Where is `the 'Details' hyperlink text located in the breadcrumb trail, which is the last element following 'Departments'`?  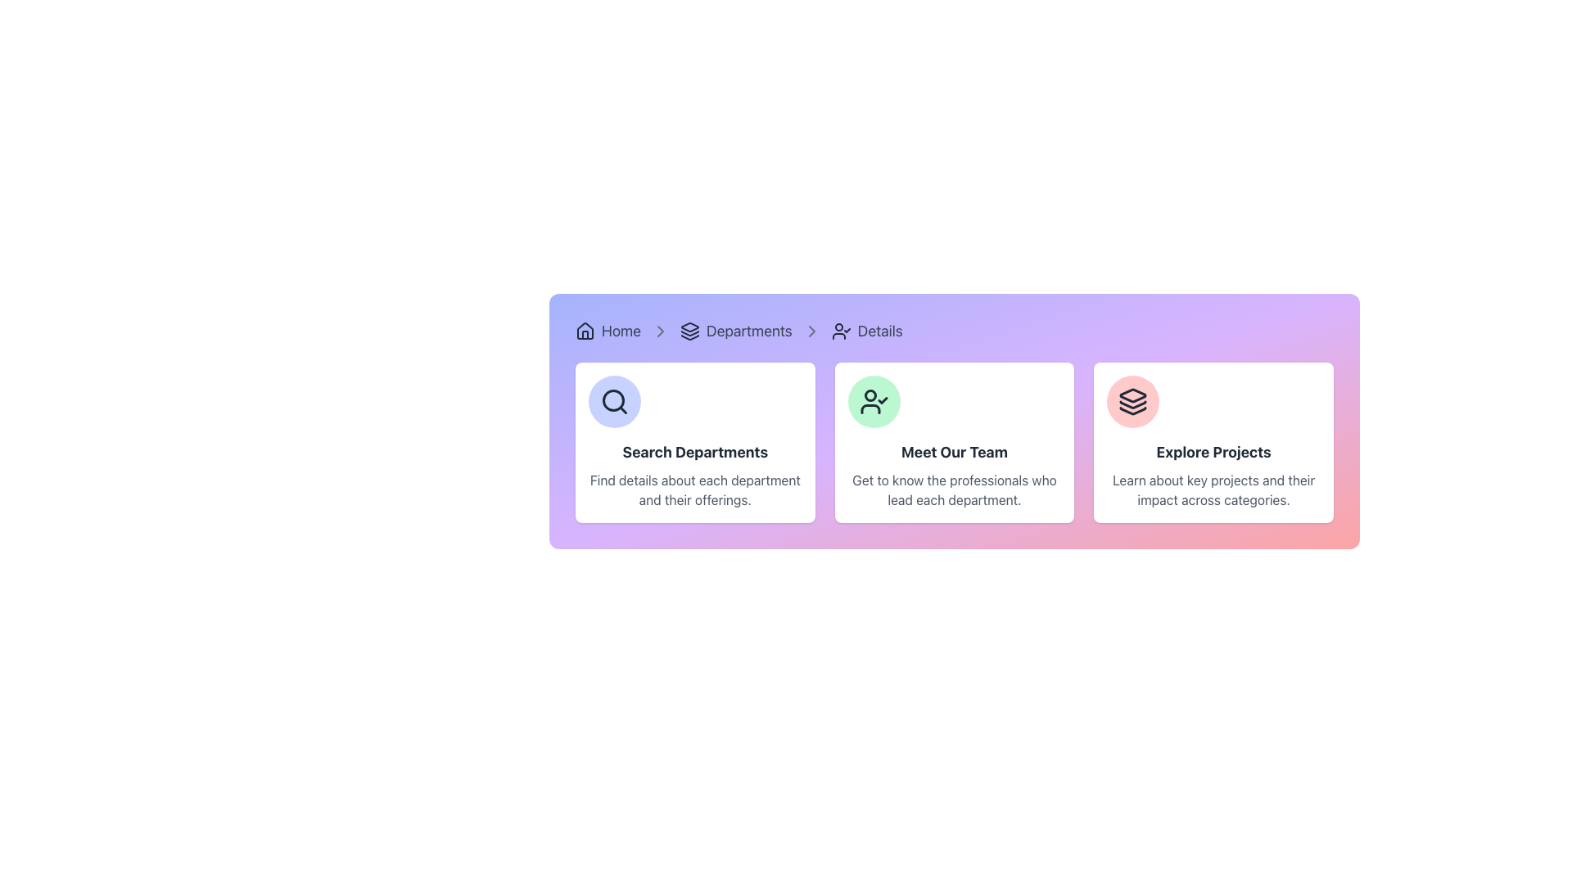
the 'Details' hyperlink text located in the breadcrumb trail, which is the last element following 'Departments' is located at coordinates (879, 331).